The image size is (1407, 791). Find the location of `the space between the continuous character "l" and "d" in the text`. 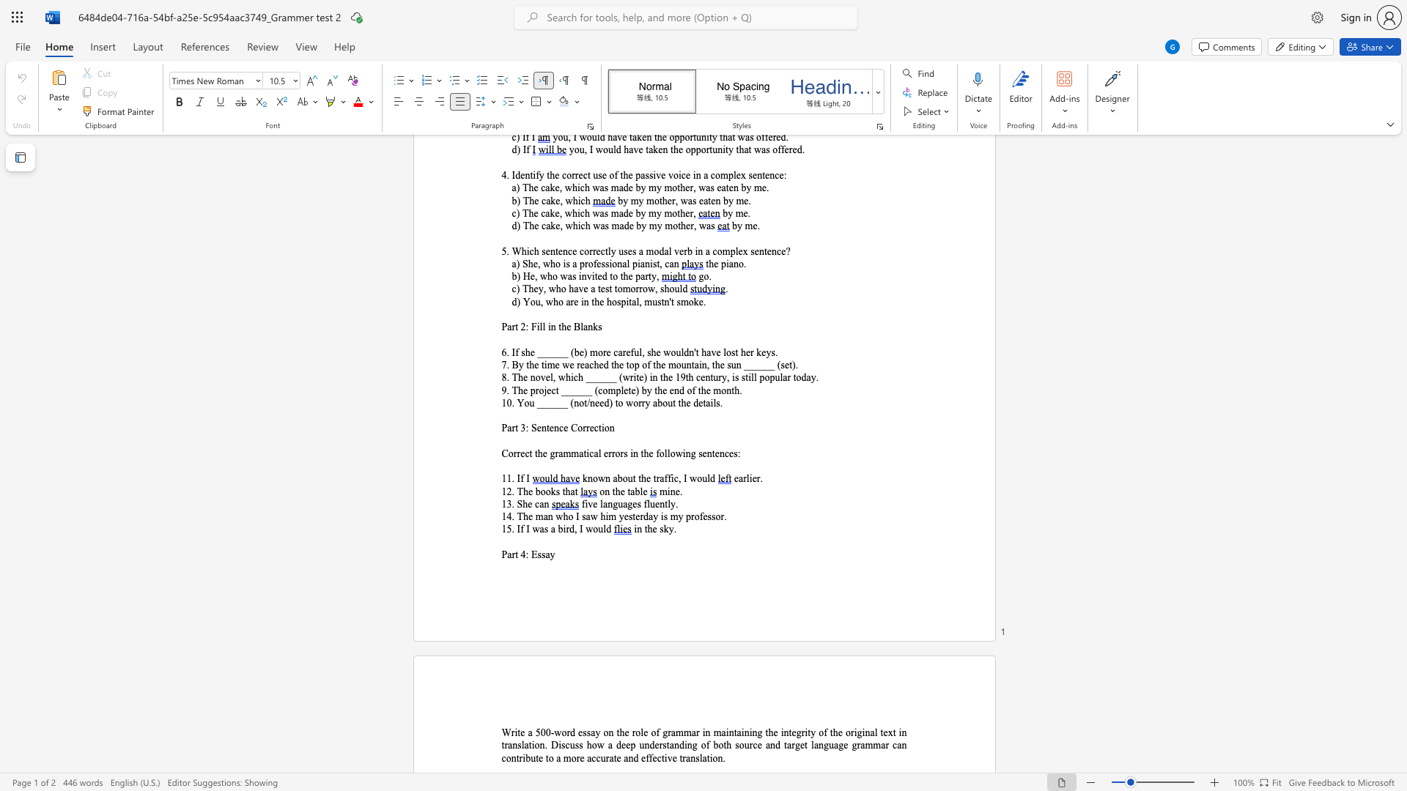

the space between the continuous character "l" and "d" in the text is located at coordinates (606, 529).